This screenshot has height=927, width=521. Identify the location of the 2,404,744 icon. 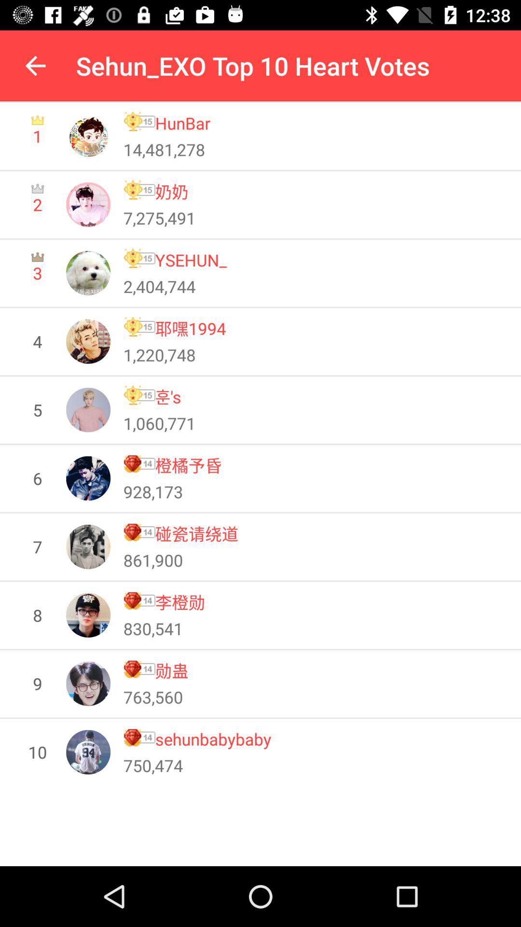
(159, 286).